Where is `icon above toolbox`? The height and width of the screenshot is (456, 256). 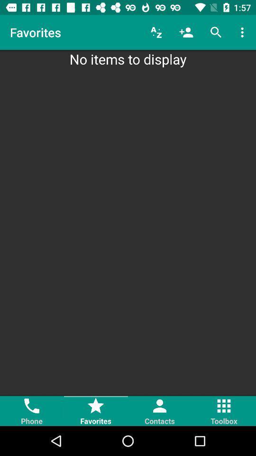
icon above toolbox is located at coordinates (224, 405).